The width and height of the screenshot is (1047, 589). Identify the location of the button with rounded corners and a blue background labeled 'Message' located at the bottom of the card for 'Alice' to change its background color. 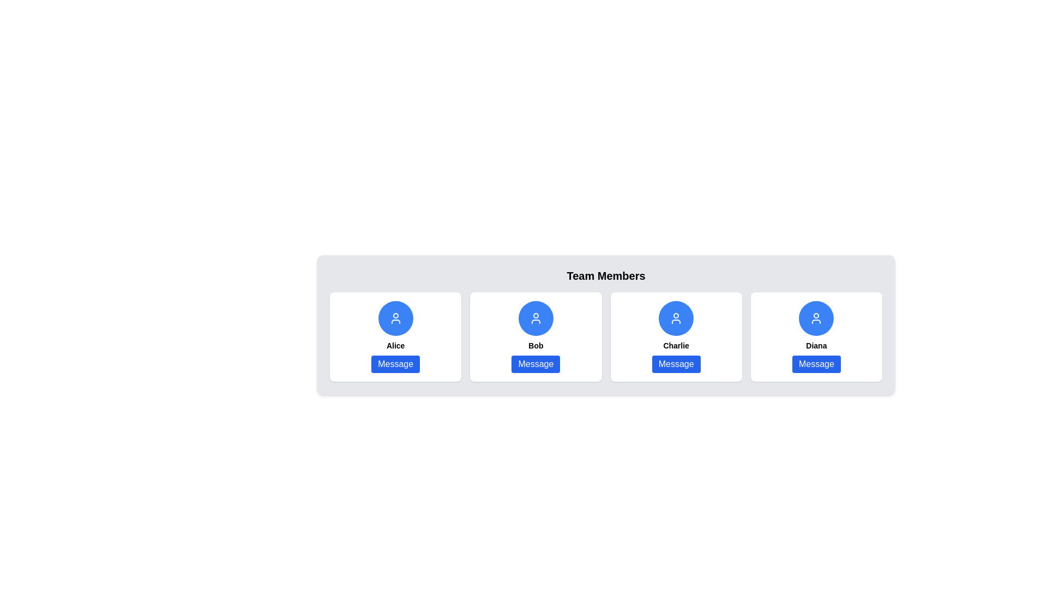
(395, 364).